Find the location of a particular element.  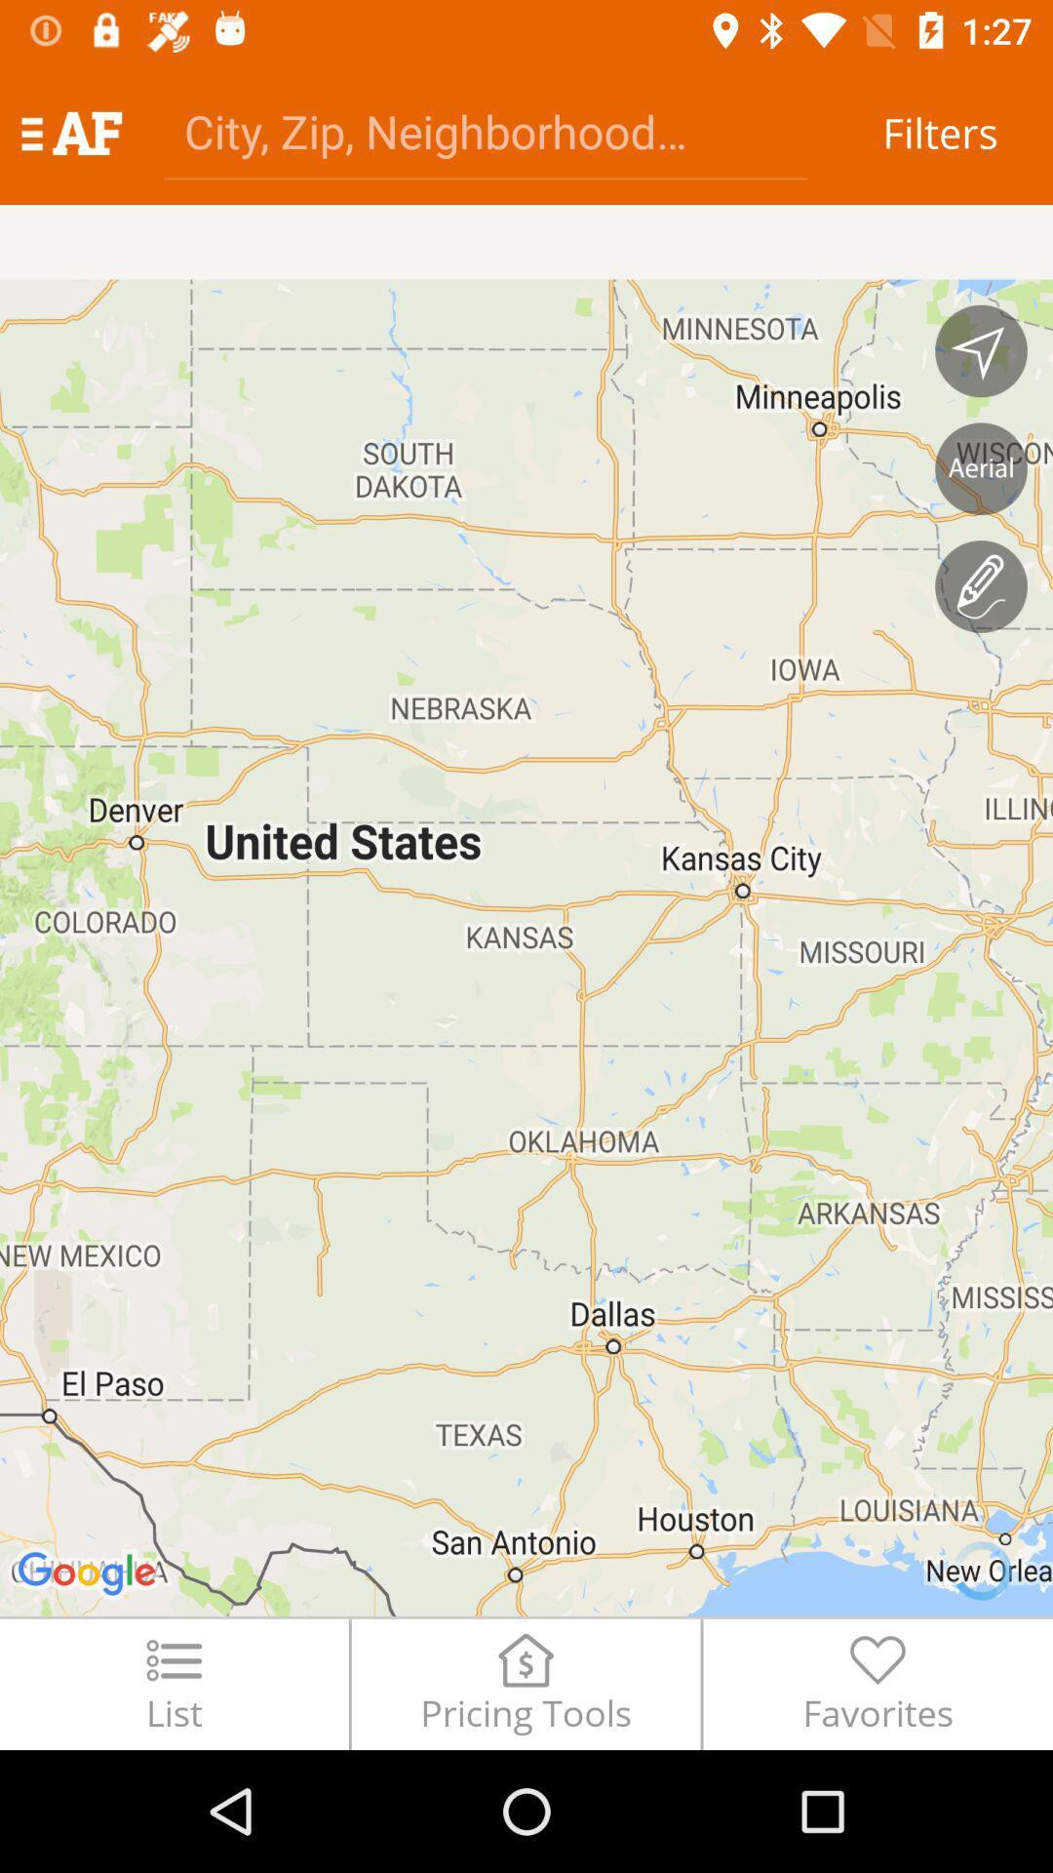

the favorites item is located at coordinates (877, 1683).